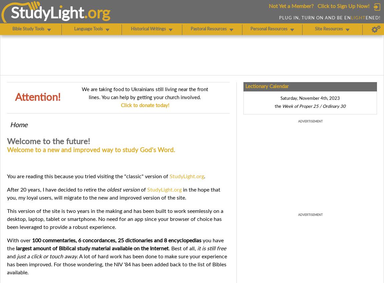 The width and height of the screenshot is (384, 283). What do you see at coordinates (266, 86) in the screenshot?
I see `'Lectionary Calendar'` at bounding box center [266, 86].